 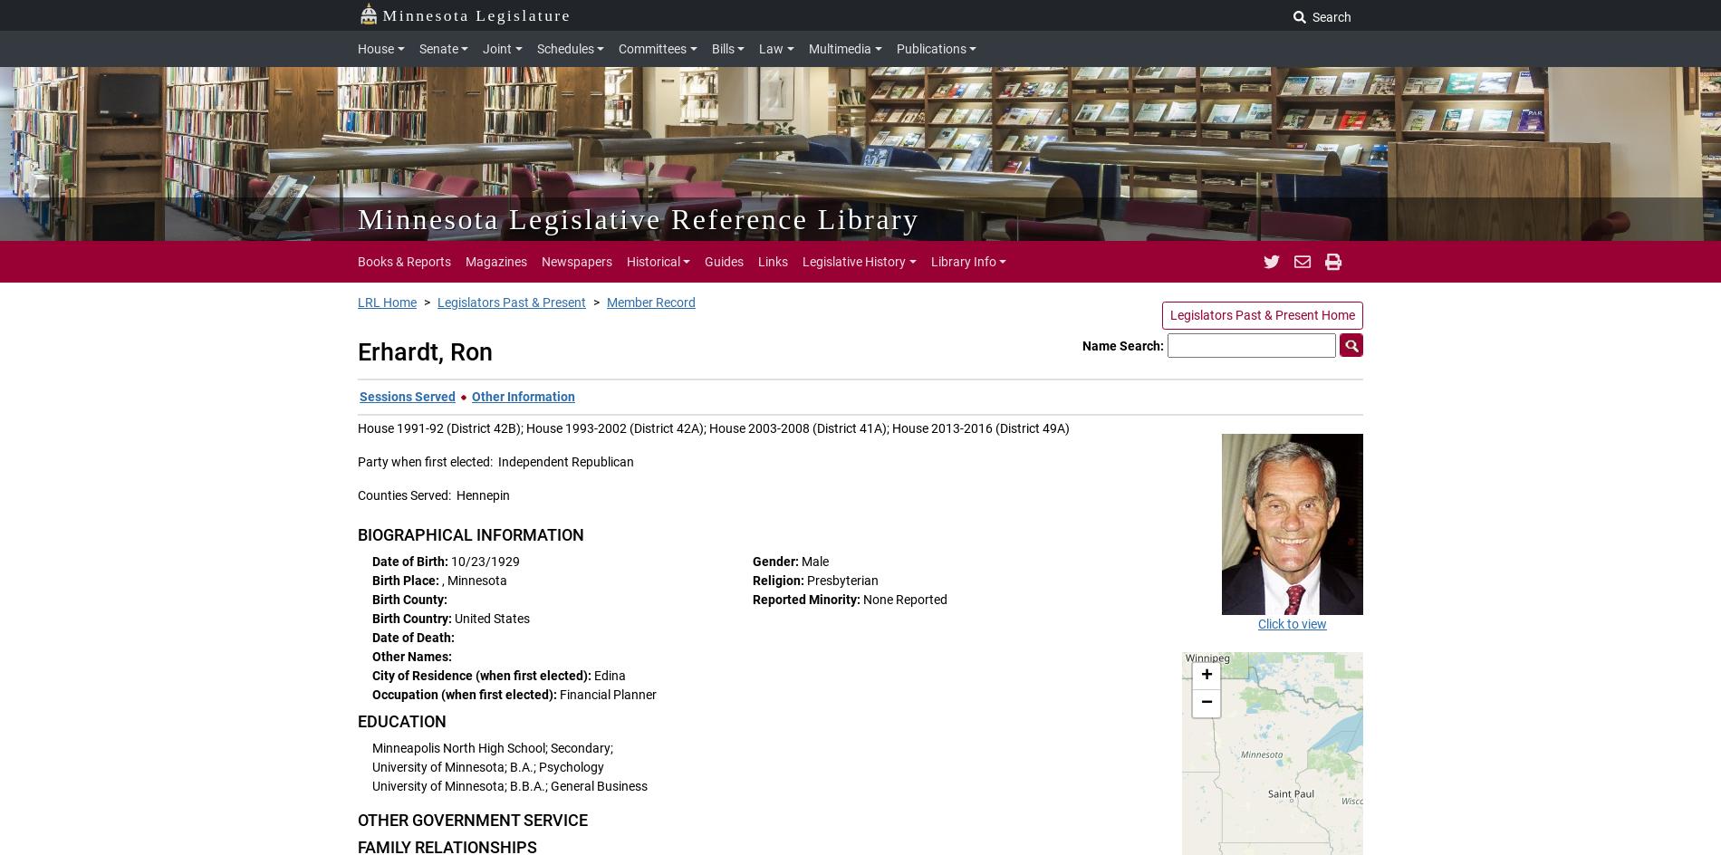 I want to click on 'Edina', so click(x=610, y=676).